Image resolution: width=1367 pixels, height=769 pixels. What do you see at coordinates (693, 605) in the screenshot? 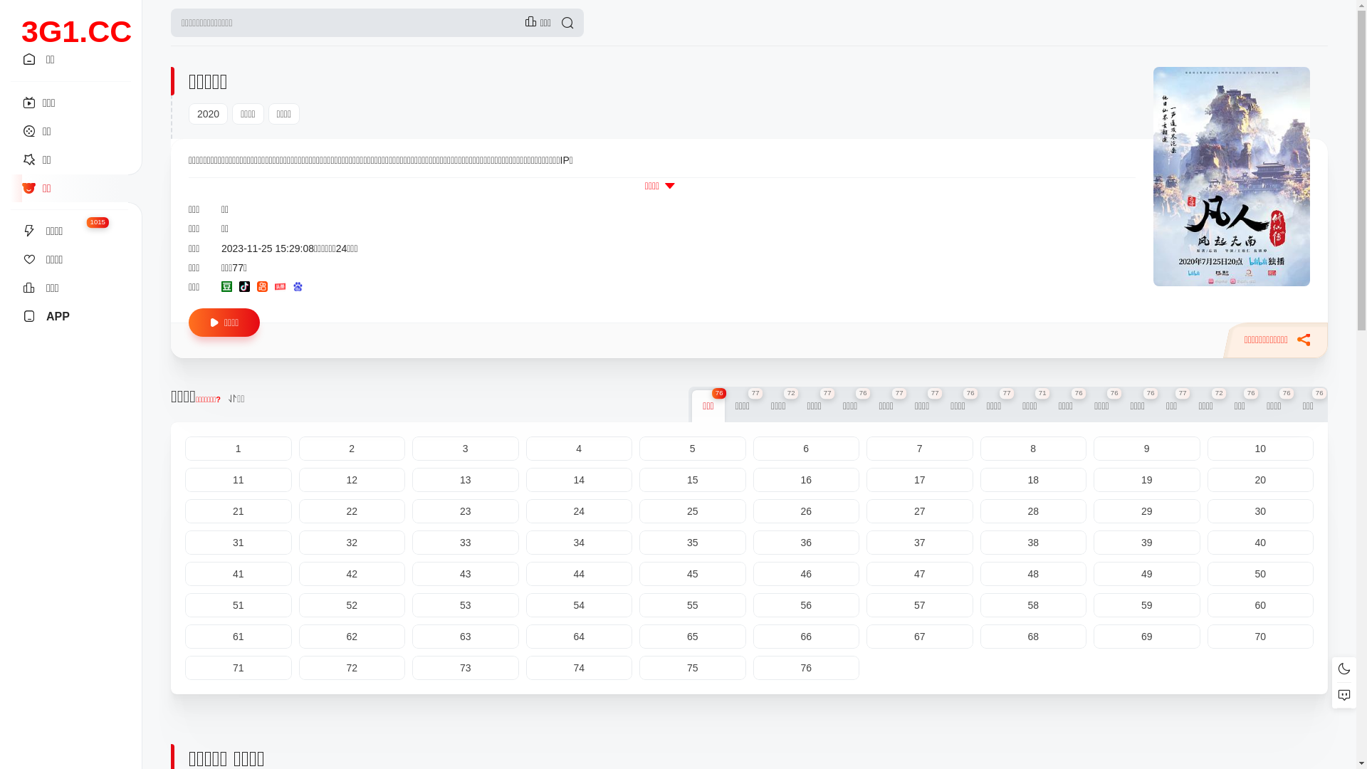
I see `'55'` at bounding box center [693, 605].